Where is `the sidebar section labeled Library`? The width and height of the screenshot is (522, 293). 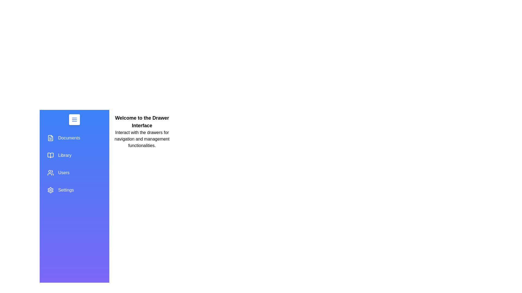
the sidebar section labeled Library is located at coordinates (74, 155).